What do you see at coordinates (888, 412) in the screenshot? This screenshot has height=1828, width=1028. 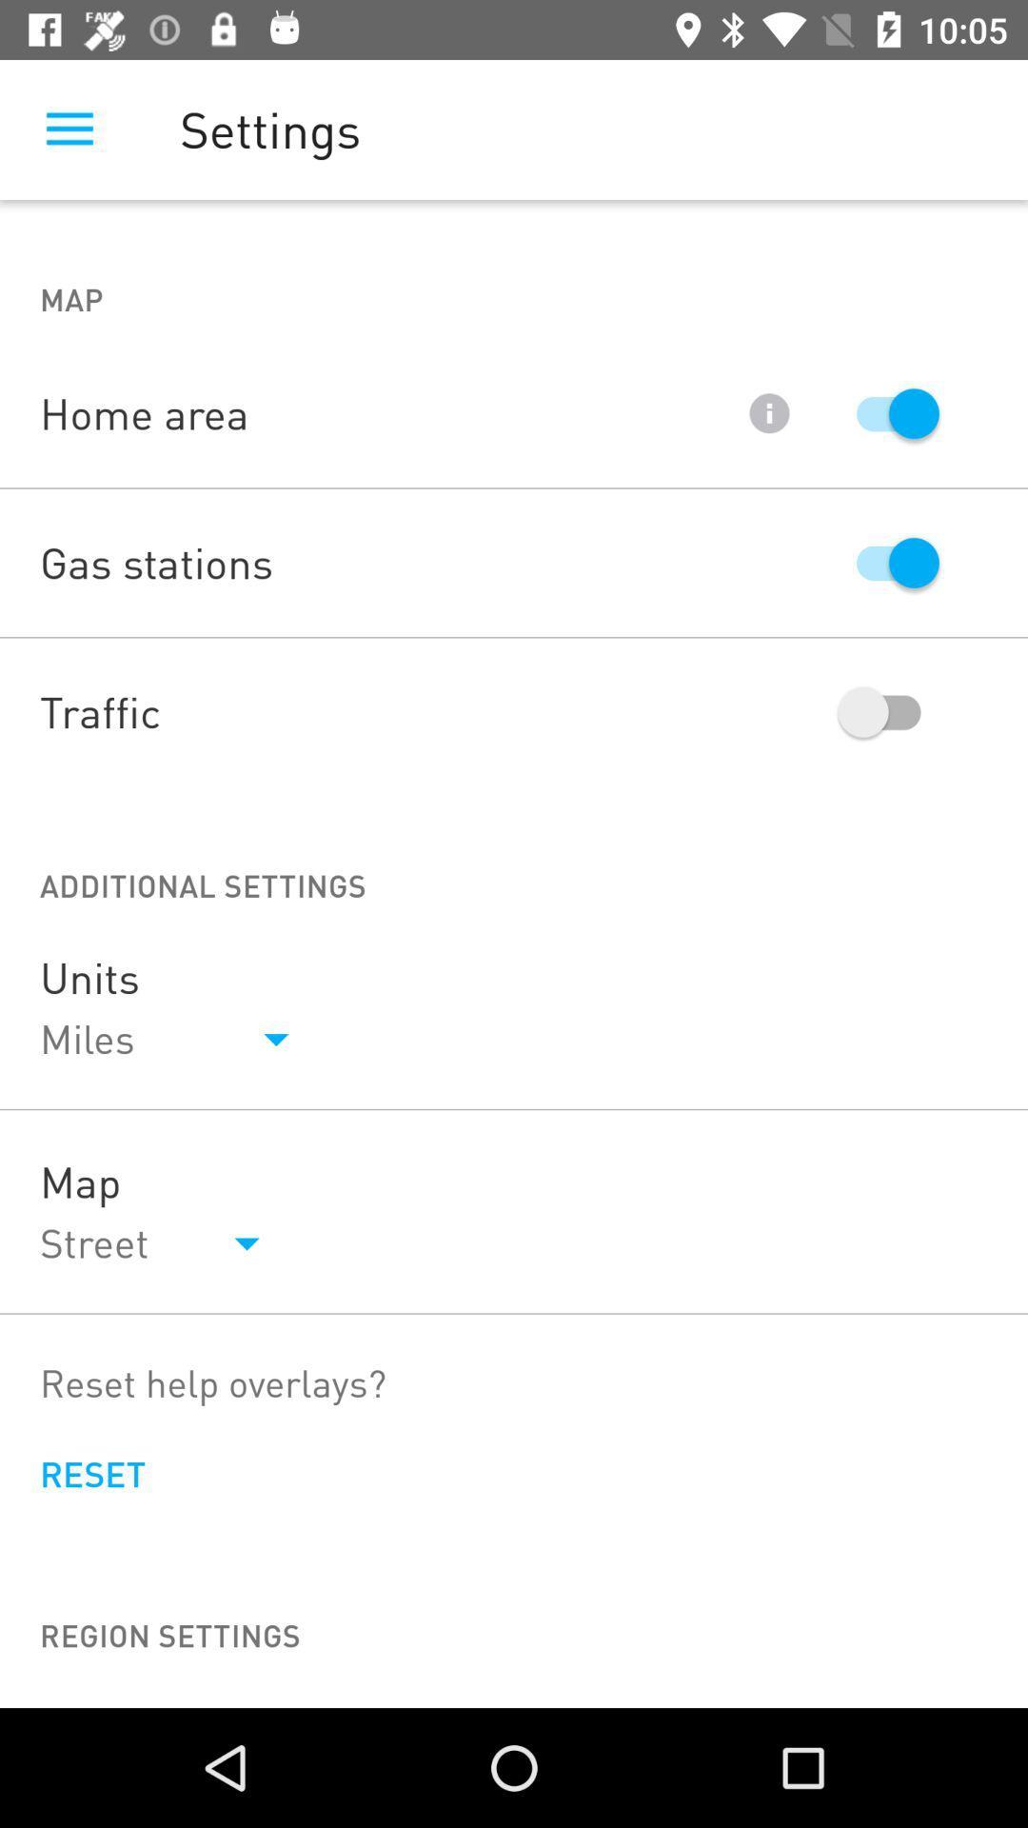 I see `to choose the area option` at bounding box center [888, 412].